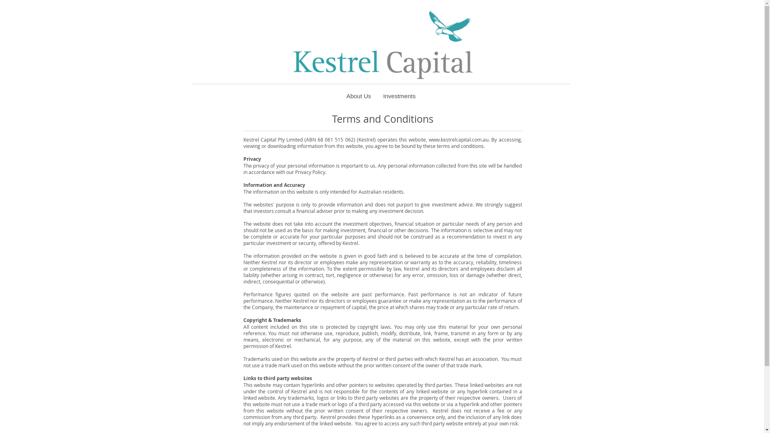 The height and width of the screenshot is (433, 770). I want to click on 'Kestrel Capital Header', so click(383, 45).